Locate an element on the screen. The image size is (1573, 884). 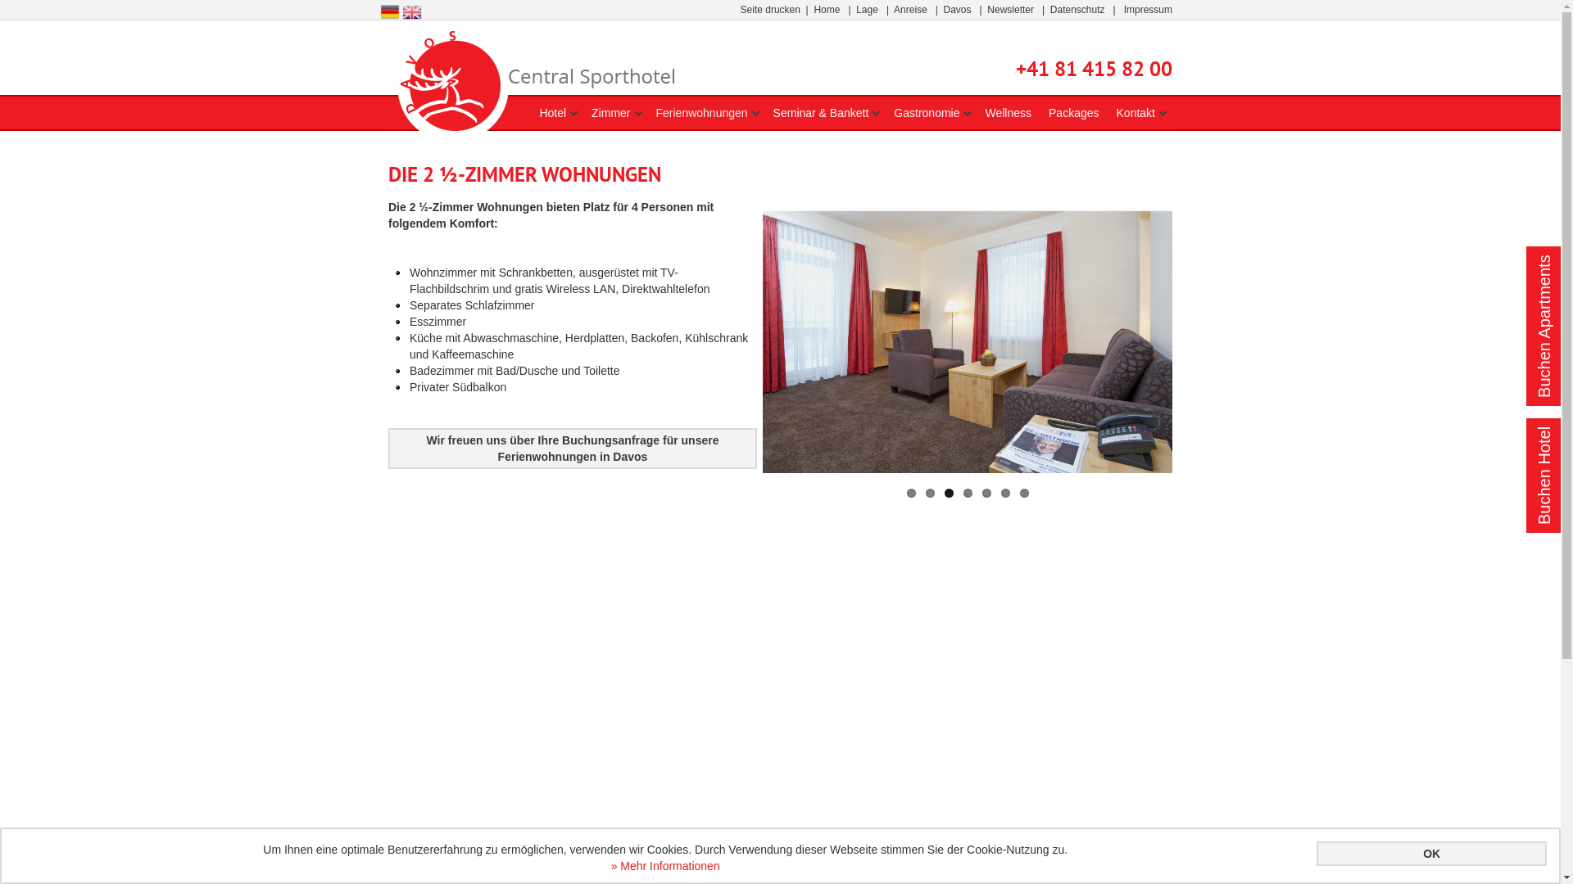
'6' is located at coordinates (1004, 491).